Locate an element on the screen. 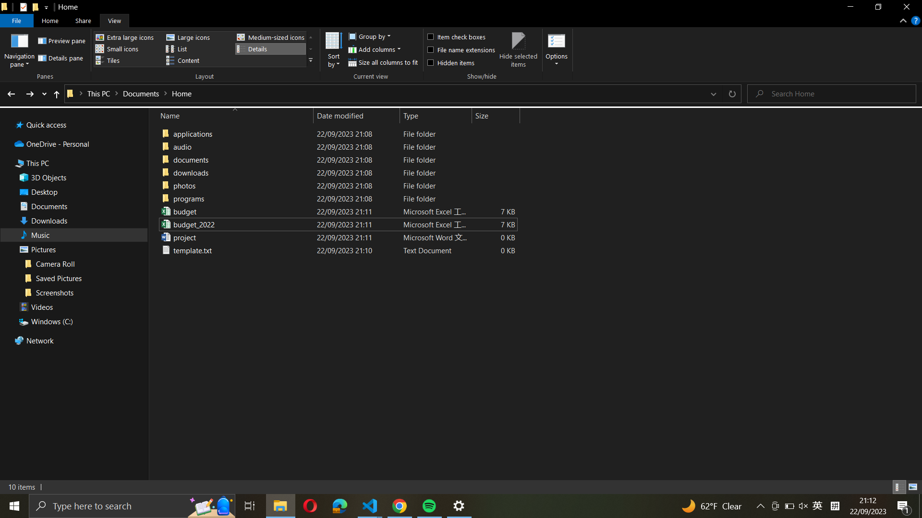 This screenshot has width=922, height=518. Rename the "budget_excel_file" to "budget_2021_excel_file is located at coordinates (336, 211).